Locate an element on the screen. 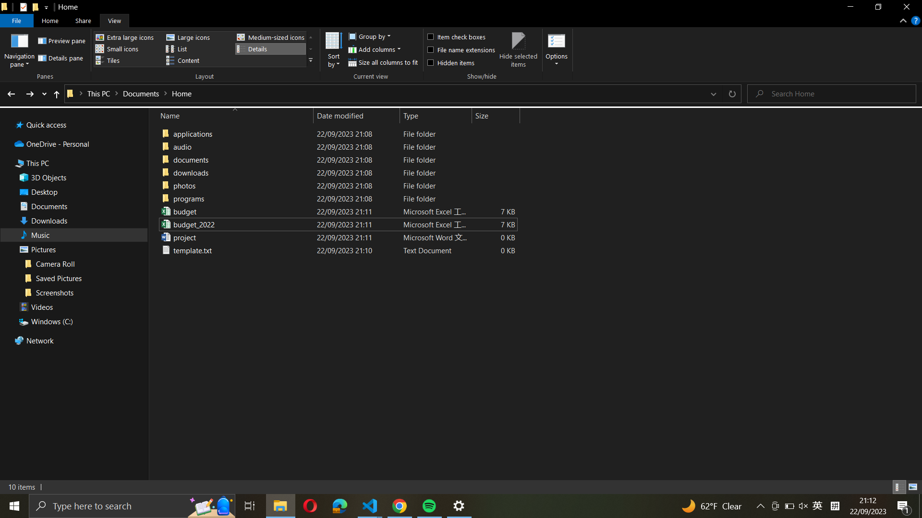 This screenshot has width=922, height=518. Rename the "budget_excel_file" to "budget_2021_excel_file is located at coordinates (336, 211).